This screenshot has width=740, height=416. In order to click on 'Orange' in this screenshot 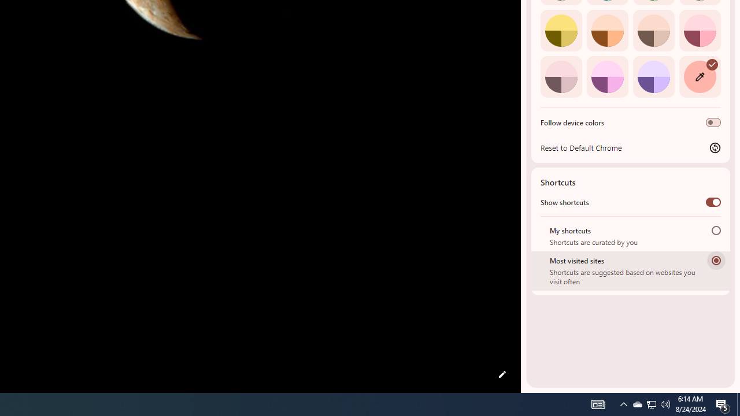, I will do `click(606, 29)`.